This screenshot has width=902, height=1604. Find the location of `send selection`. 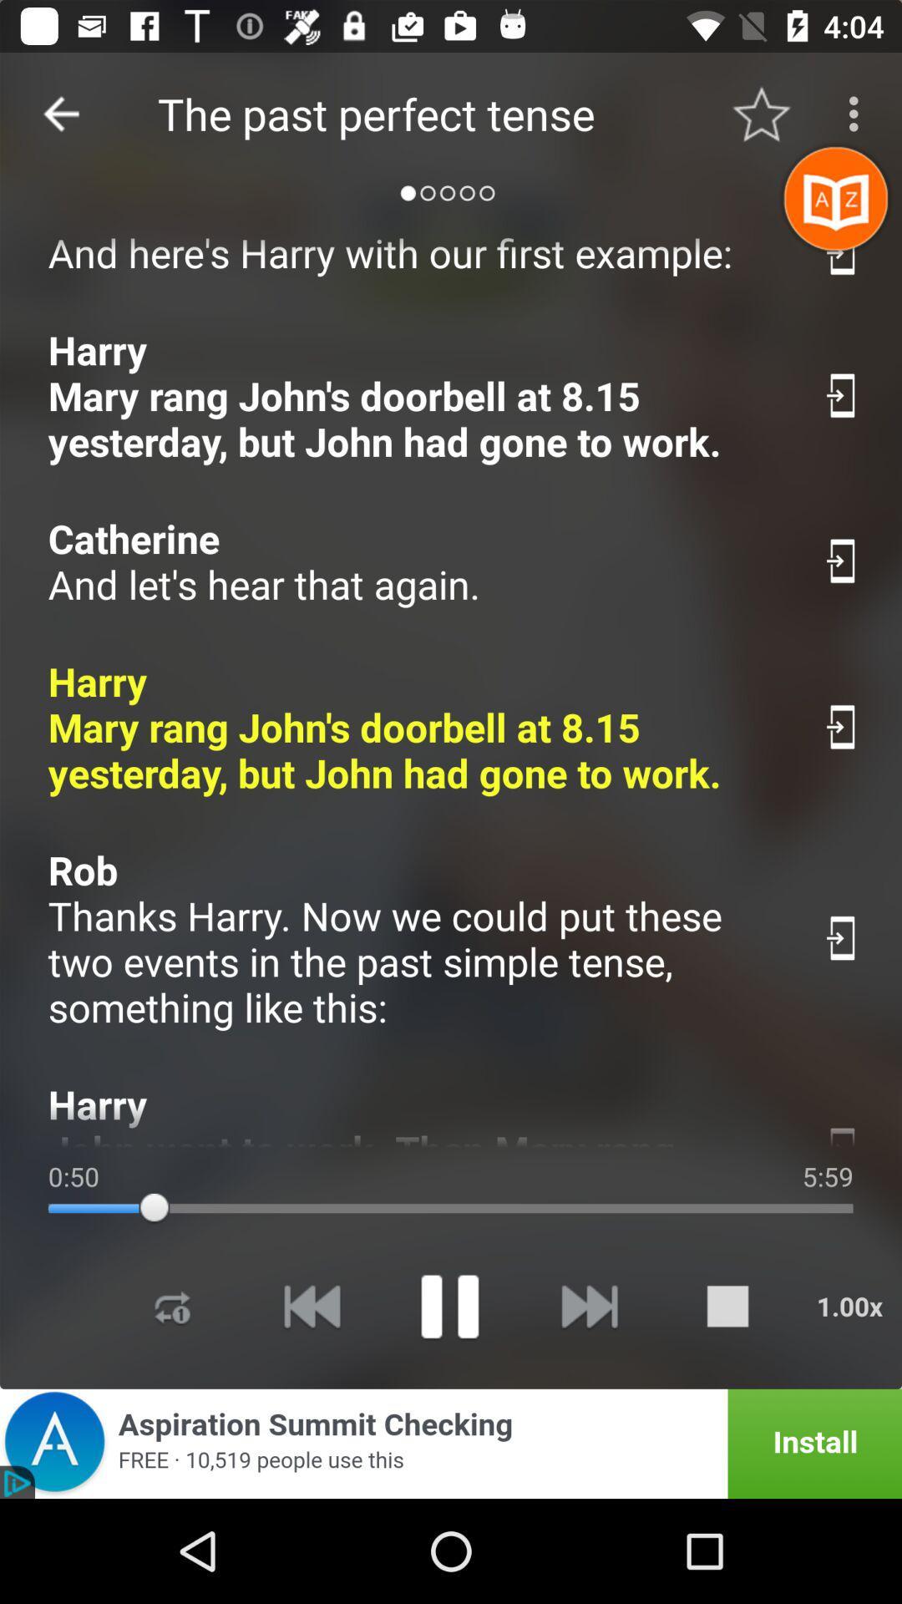

send selection is located at coordinates (843, 1132).